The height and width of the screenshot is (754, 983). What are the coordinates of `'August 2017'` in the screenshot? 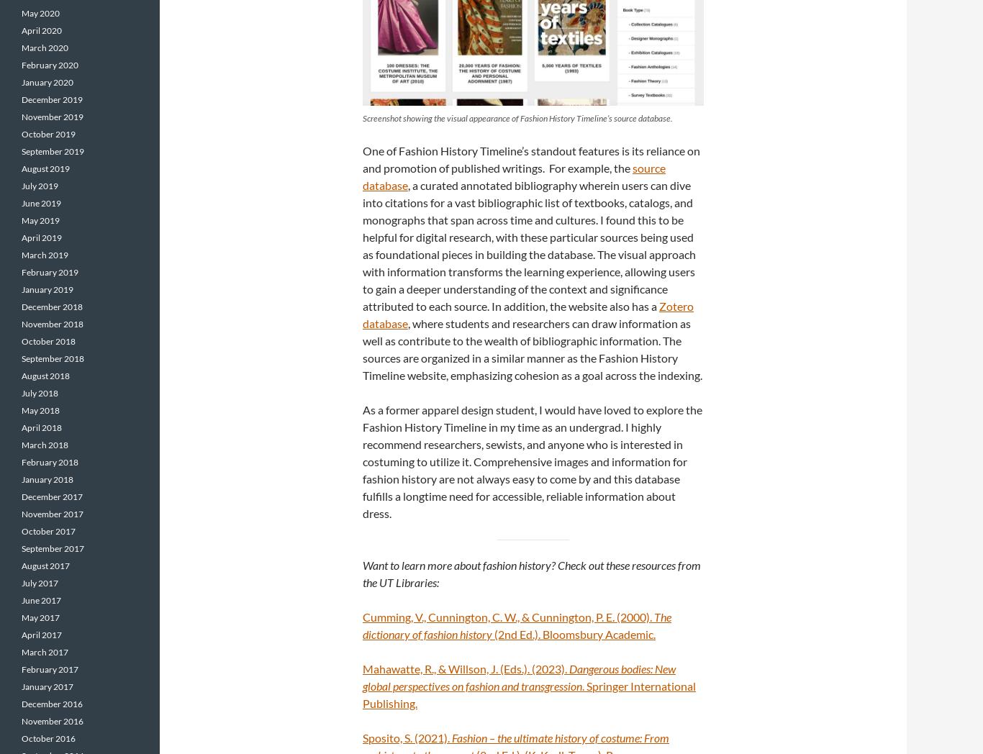 It's located at (45, 565).